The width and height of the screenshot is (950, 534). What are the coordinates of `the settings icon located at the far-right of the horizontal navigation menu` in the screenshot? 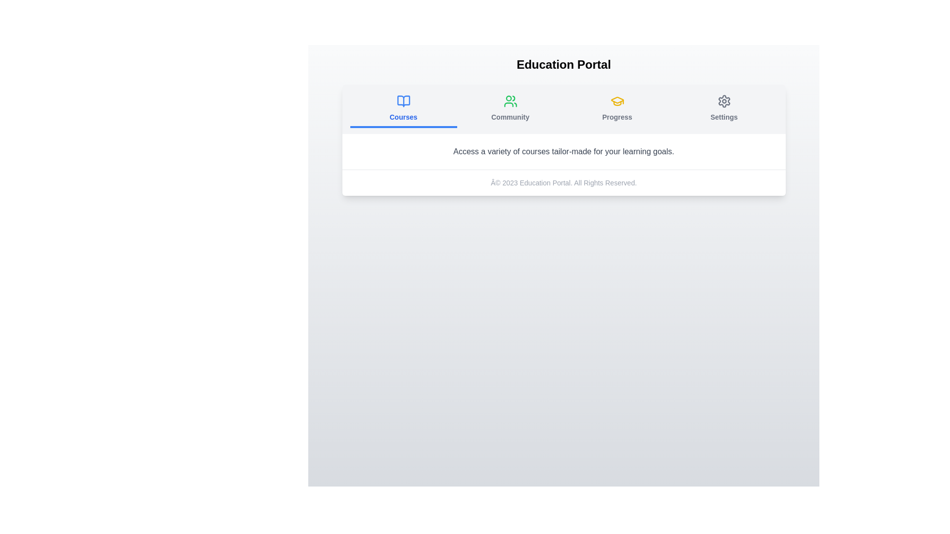 It's located at (724, 101).